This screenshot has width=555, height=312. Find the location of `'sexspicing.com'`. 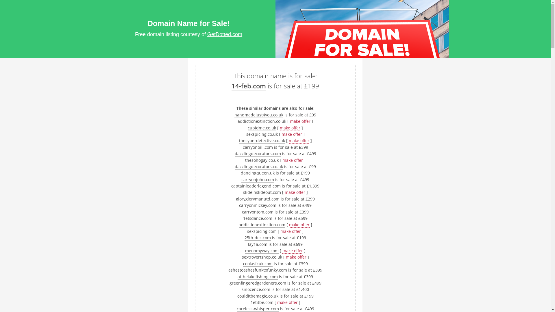

'sexspicing.com' is located at coordinates (247, 231).